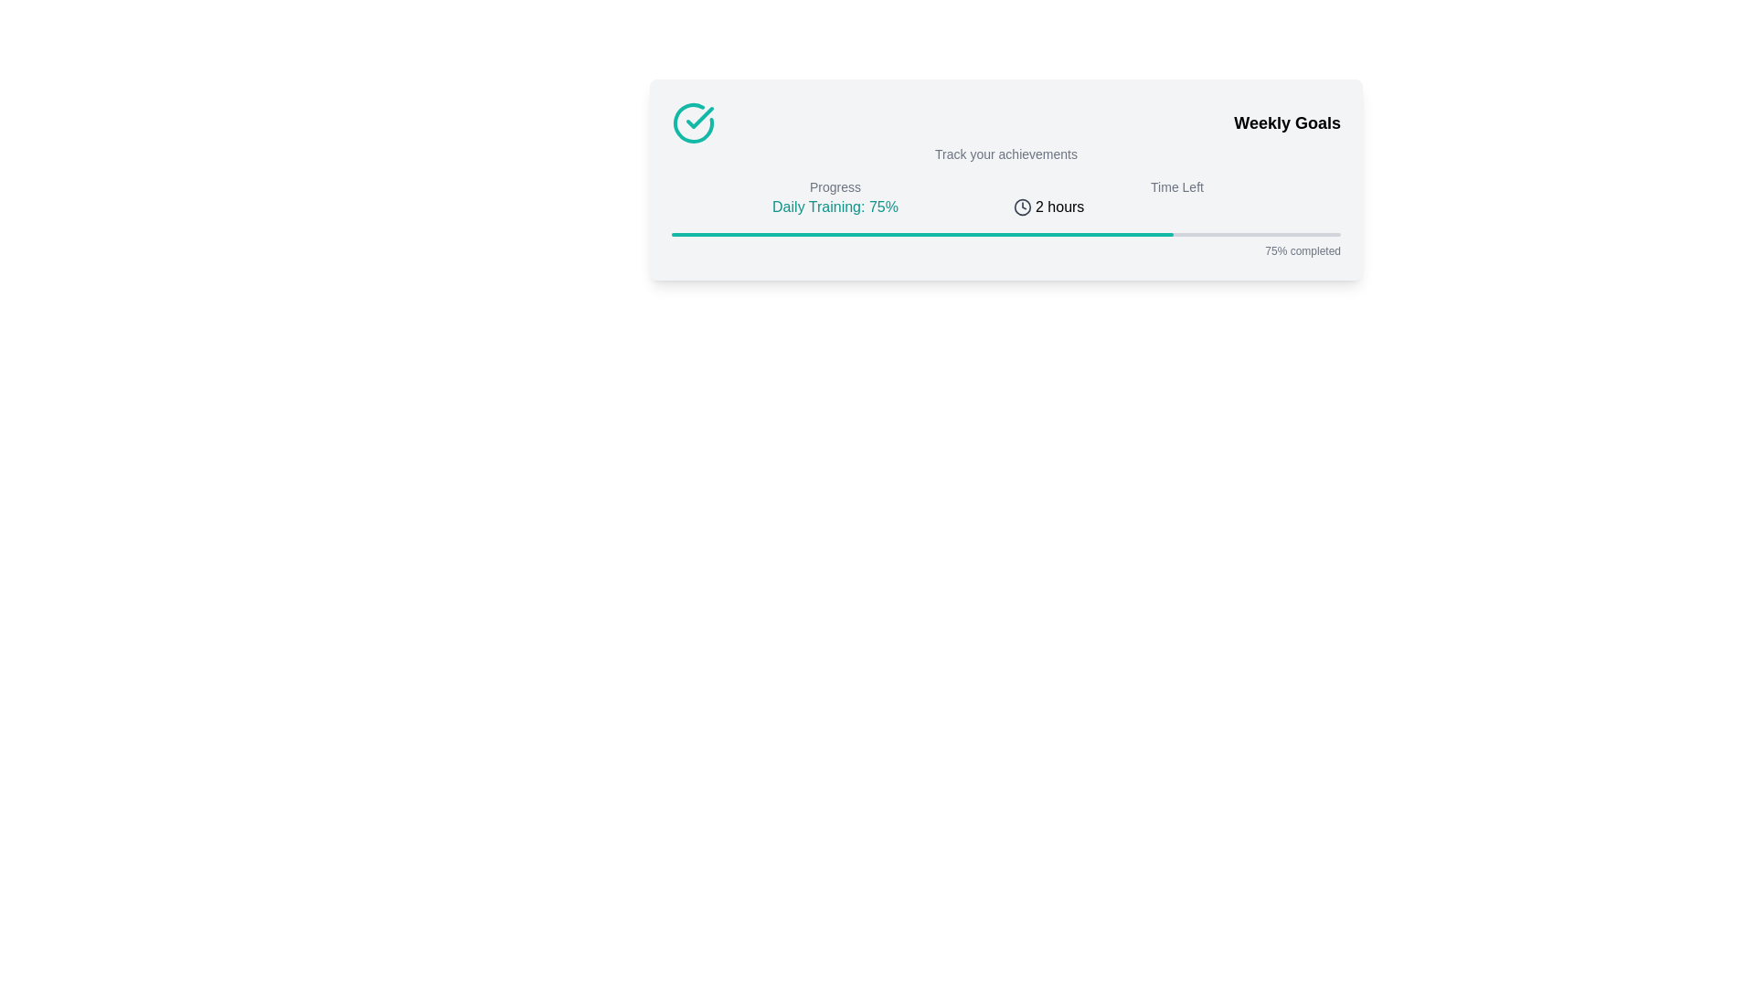  What do you see at coordinates (1005, 245) in the screenshot?
I see `the progress bar indicating '75% completed' at the bottom of the 'Weekly Goals' card` at bounding box center [1005, 245].